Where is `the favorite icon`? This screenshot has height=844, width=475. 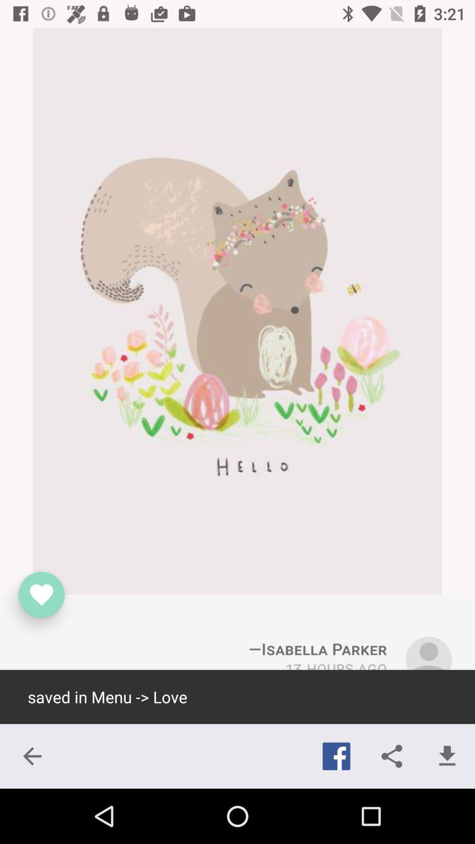
the favorite icon is located at coordinates (41, 595).